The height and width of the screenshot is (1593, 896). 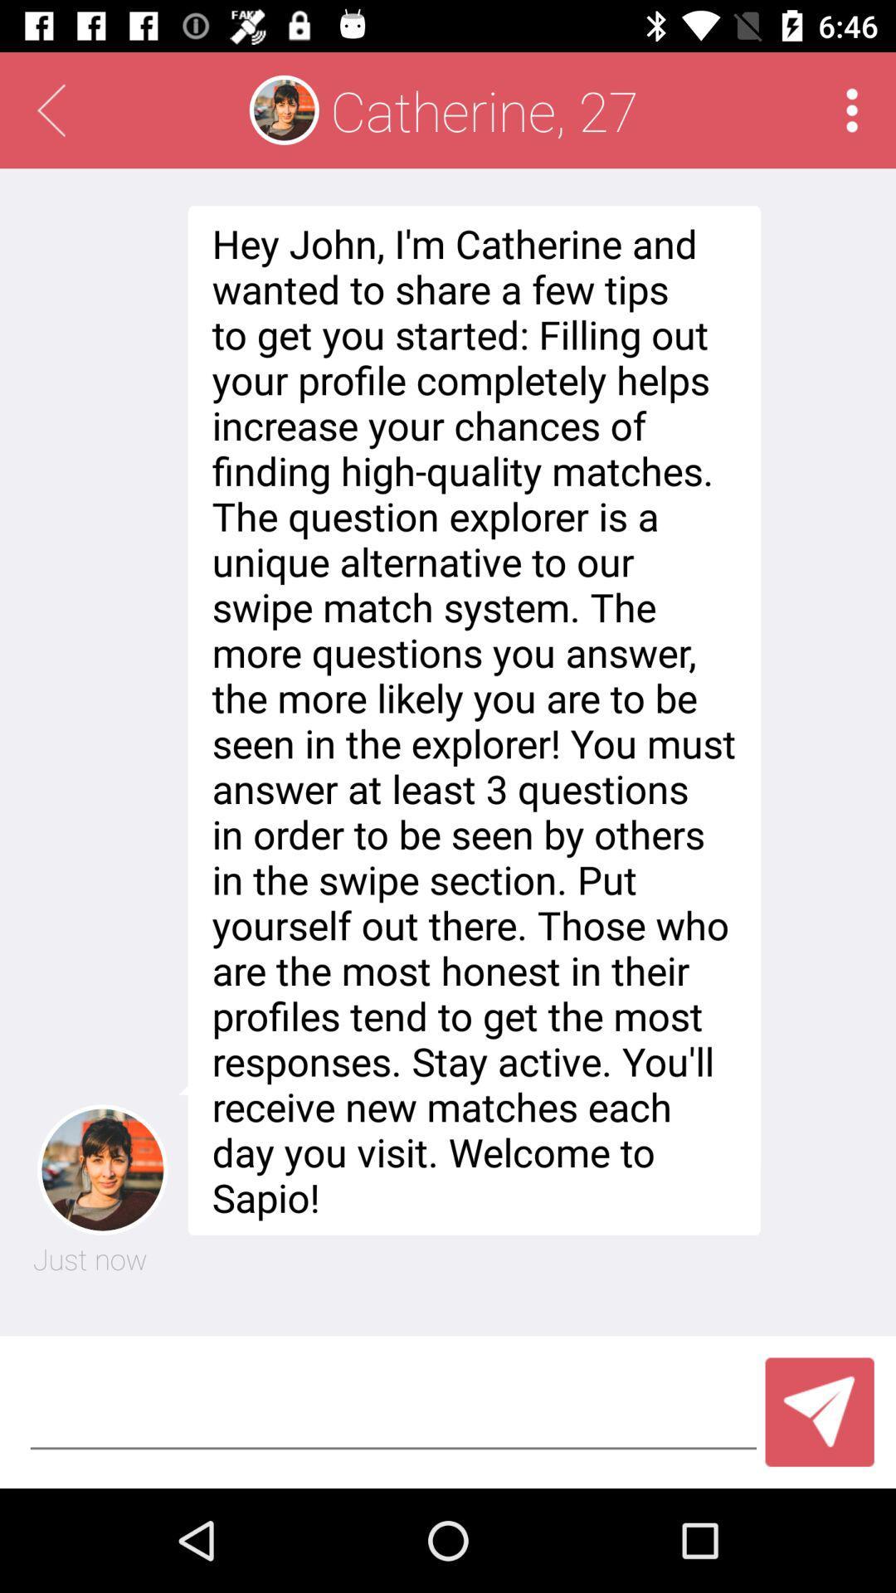 I want to click on to enable text field, so click(x=393, y=1411).